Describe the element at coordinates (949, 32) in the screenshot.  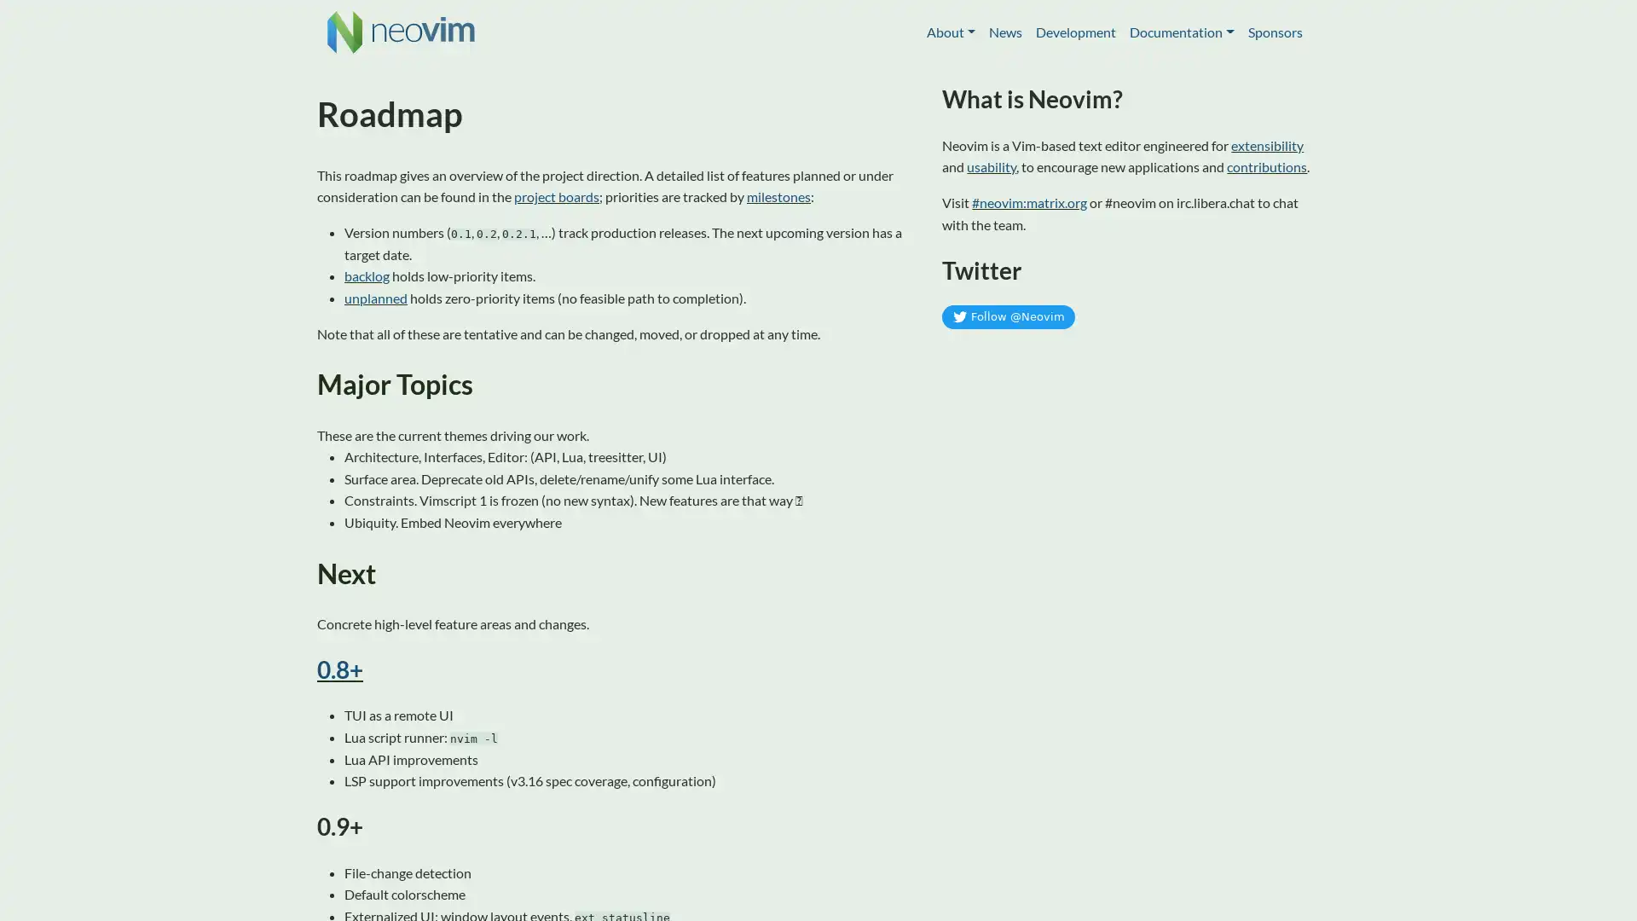
I see `About` at that location.